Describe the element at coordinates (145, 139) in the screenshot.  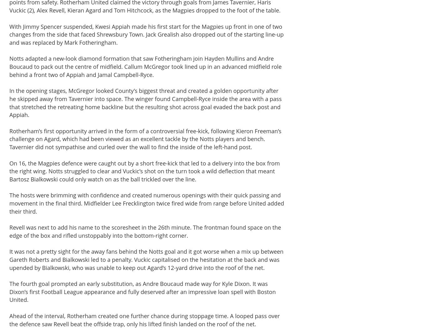
I see `'Rotherham’s first opportunity arrived in the form of a controversial free-kick, following Kieron Freeman’s challenge on Agard, which had been viewed as an excellent tackle by the Notts players and bench. Tavernier did not sympathise and curled over the wall to find the inside of the left-hand post.'` at that location.